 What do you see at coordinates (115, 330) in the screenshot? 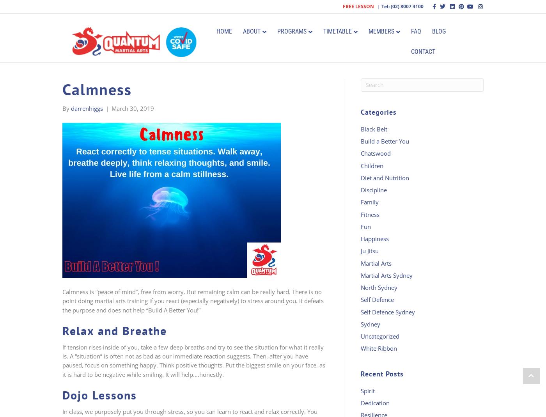
I see `'Relax and Breathe'` at bounding box center [115, 330].